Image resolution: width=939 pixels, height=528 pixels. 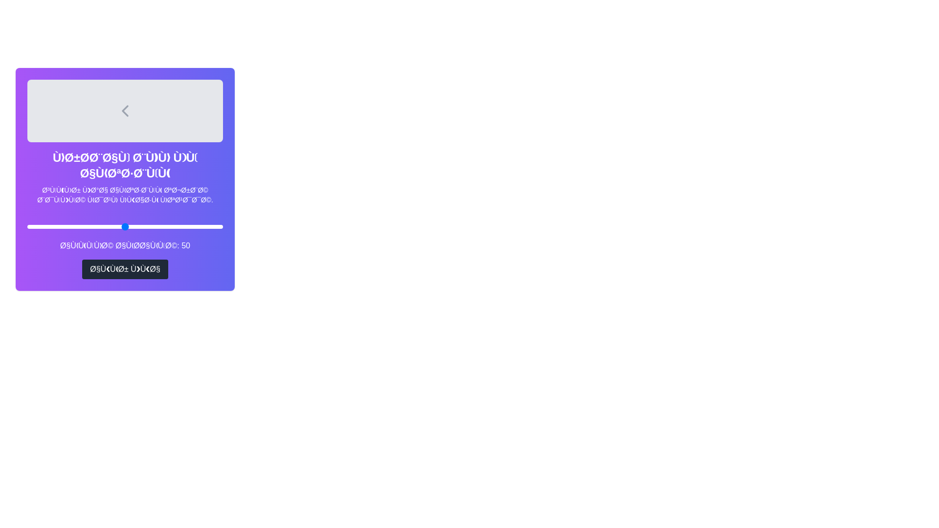 What do you see at coordinates (124, 110) in the screenshot?
I see `the left-pointing chevron arrow button, which is gray and located at the top of a card-like widget` at bounding box center [124, 110].